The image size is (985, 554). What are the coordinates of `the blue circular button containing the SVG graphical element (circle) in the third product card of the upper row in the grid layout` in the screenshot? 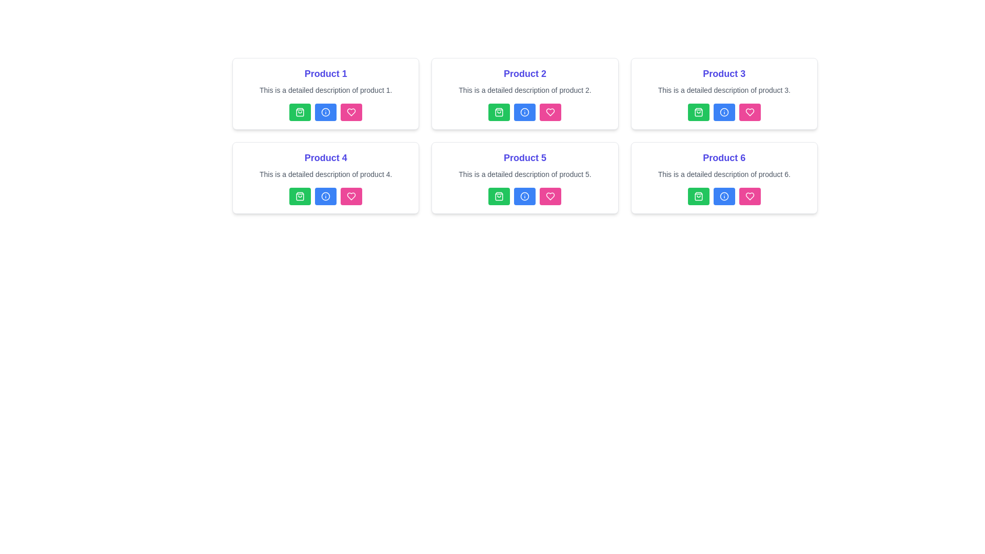 It's located at (723, 112).